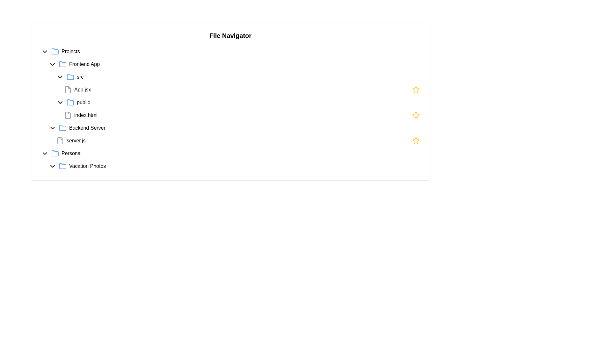  What do you see at coordinates (52, 166) in the screenshot?
I see `the Expand/Collapse Chevron Icon located to the left of the 'Vacation Photos' text` at bounding box center [52, 166].